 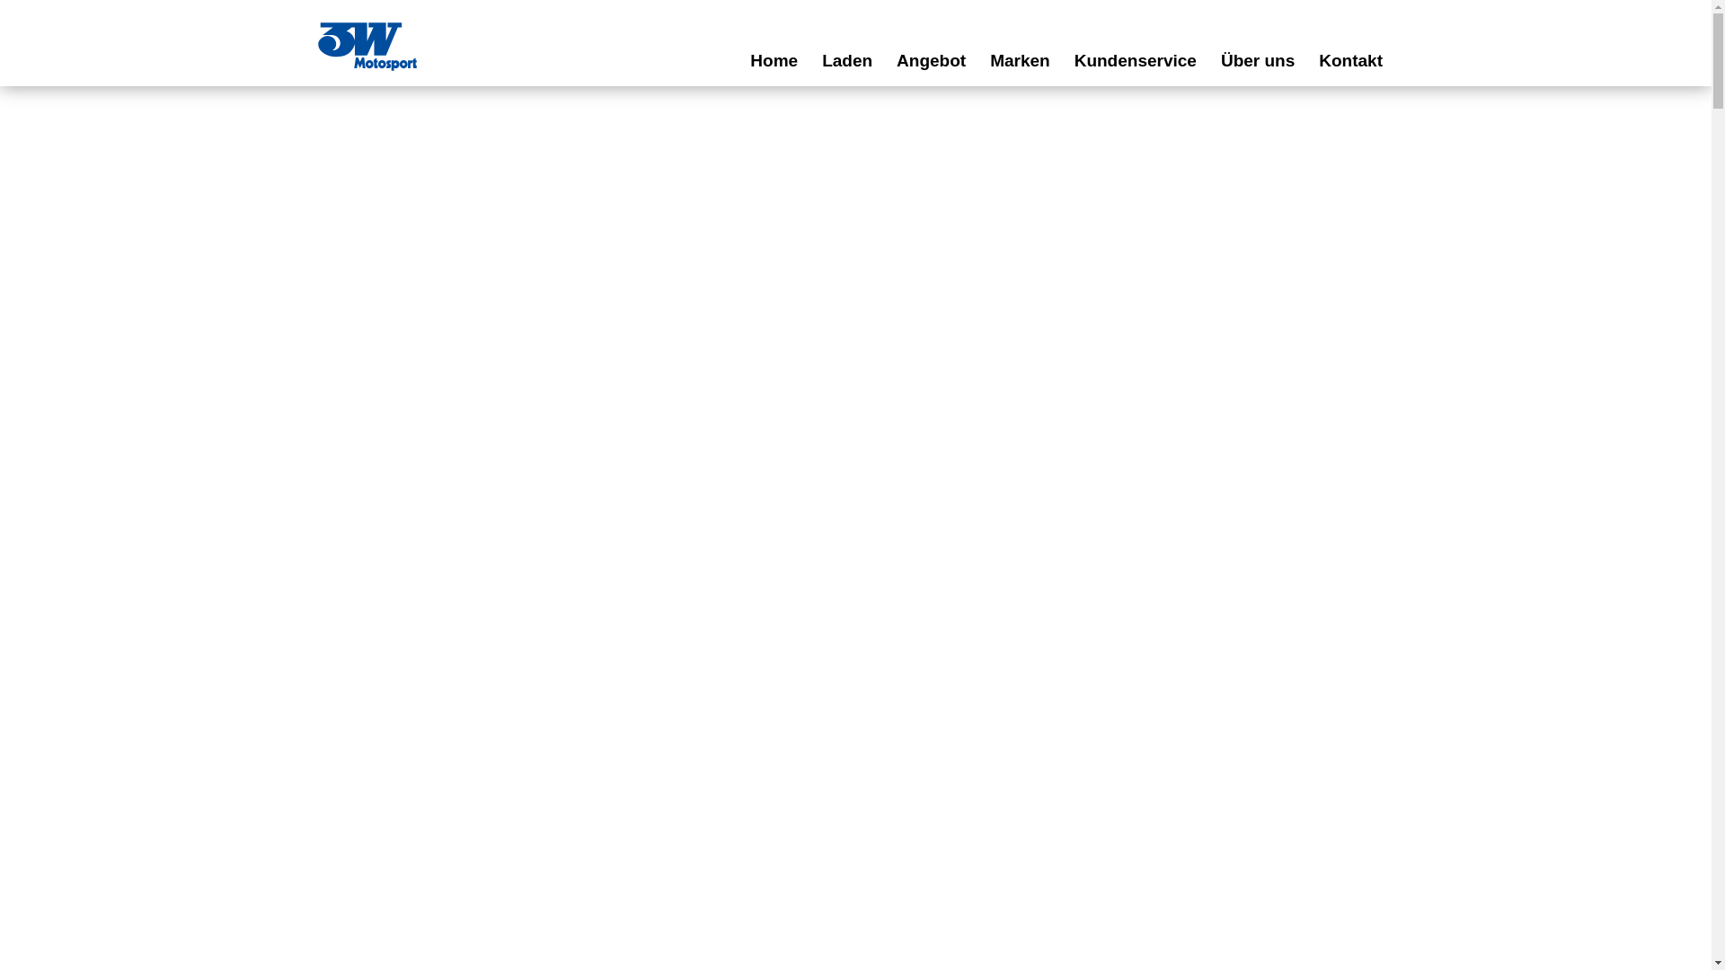 What do you see at coordinates (1021, 60) in the screenshot?
I see `'Marken'` at bounding box center [1021, 60].